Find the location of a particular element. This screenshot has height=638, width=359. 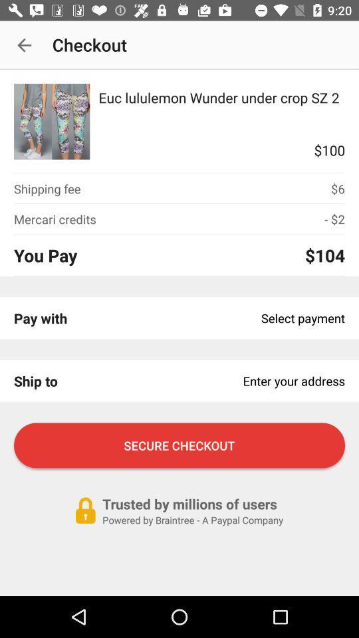

the item next to checkout item is located at coordinates (24, 45).